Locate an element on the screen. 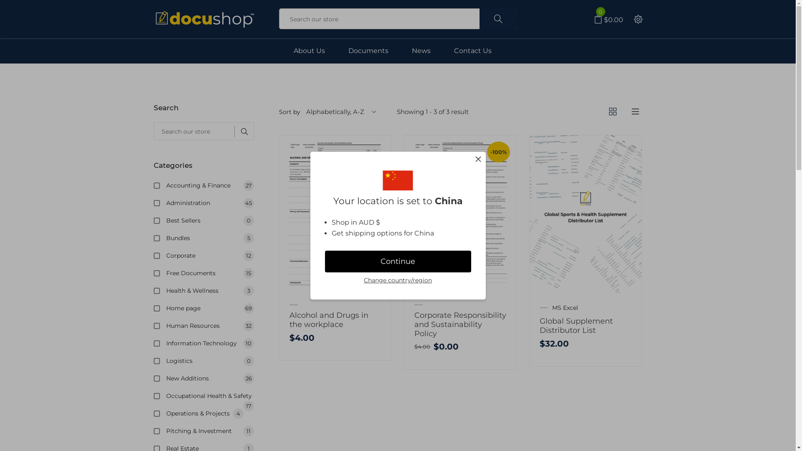  'Information Technology is located at coordinates (210, 343).